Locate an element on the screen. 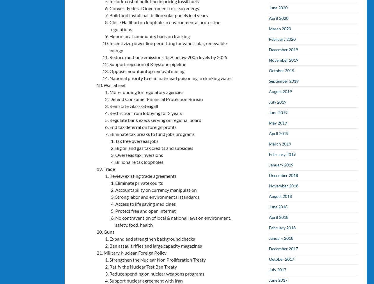 This screenshot has width=374, height=284. 'Big oil and gas tax credits and subsidies' is located at coordinates (154, 148).